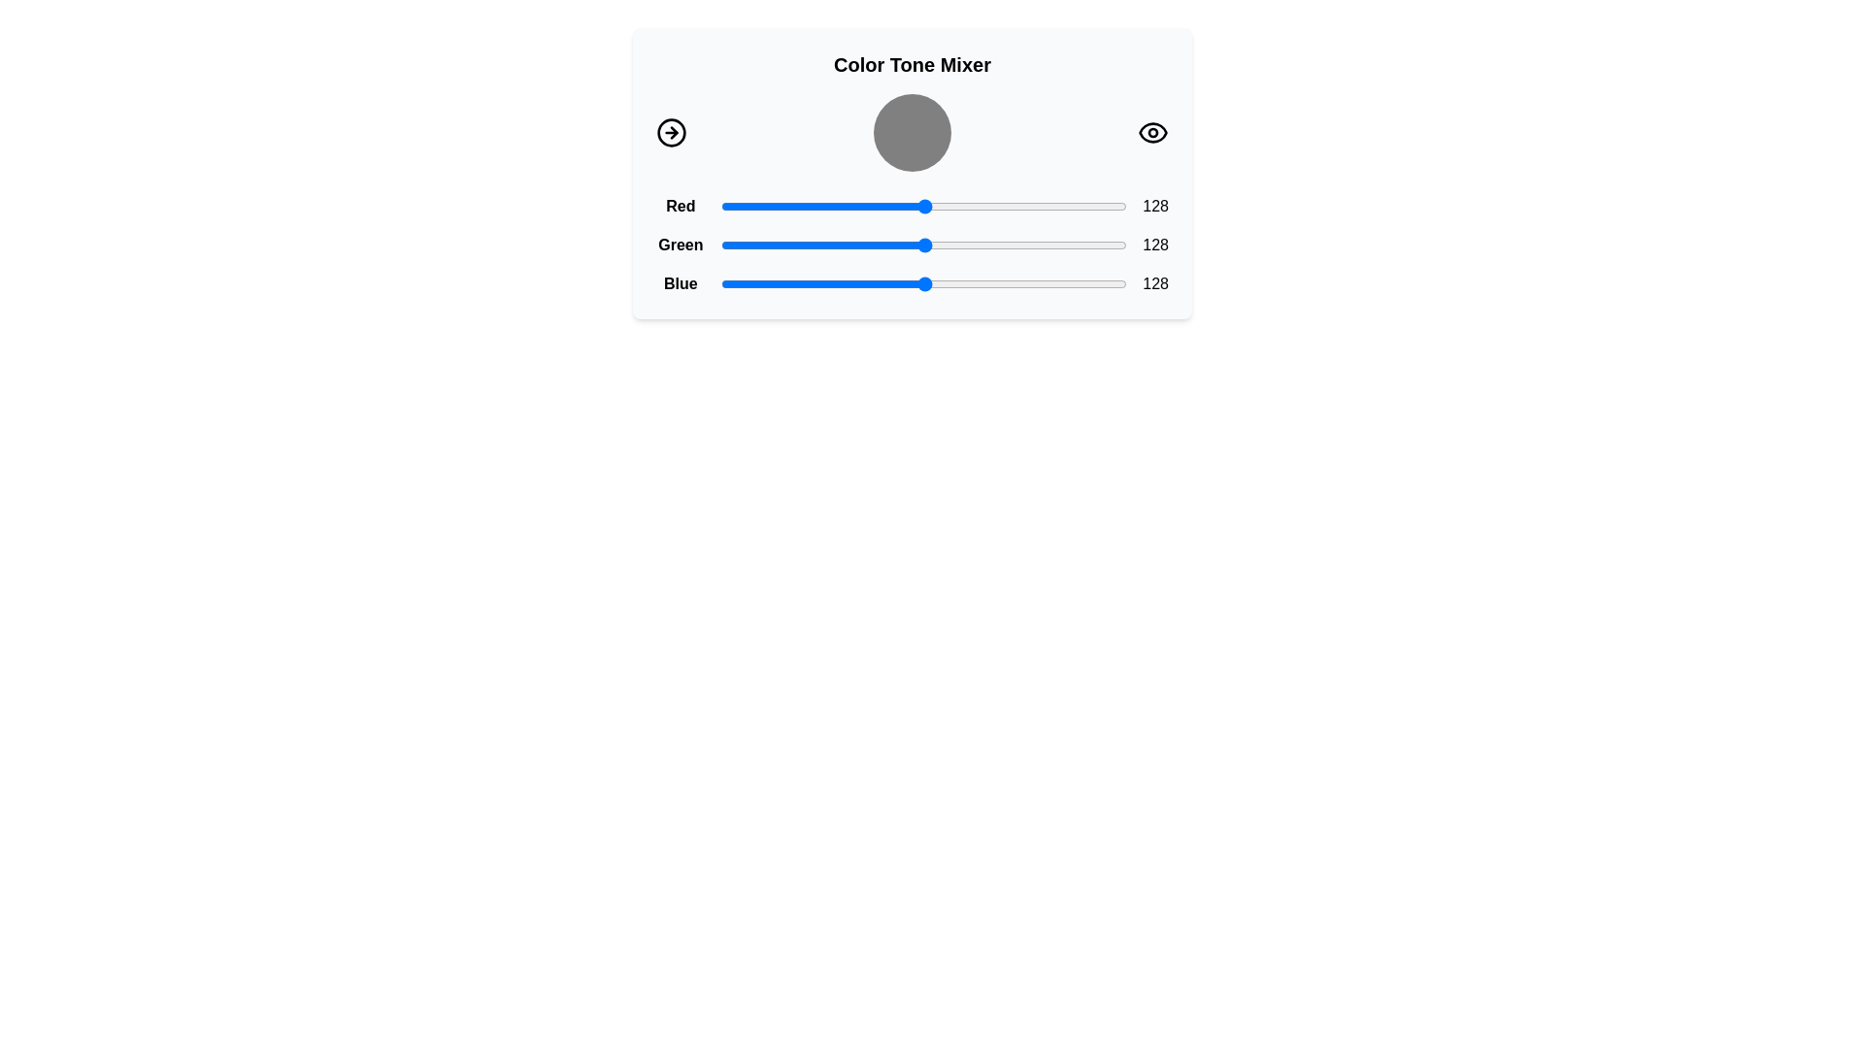 The height and width of the screenshot is (1048, 1864). What do you see at coordinates (1155, 245) in the screenshot?
I see `the static label displaying the number '128', which is located to the right of the 'Green' slider in the 'Color Tone Mixer' interface` at bounding box center [1155, 245].